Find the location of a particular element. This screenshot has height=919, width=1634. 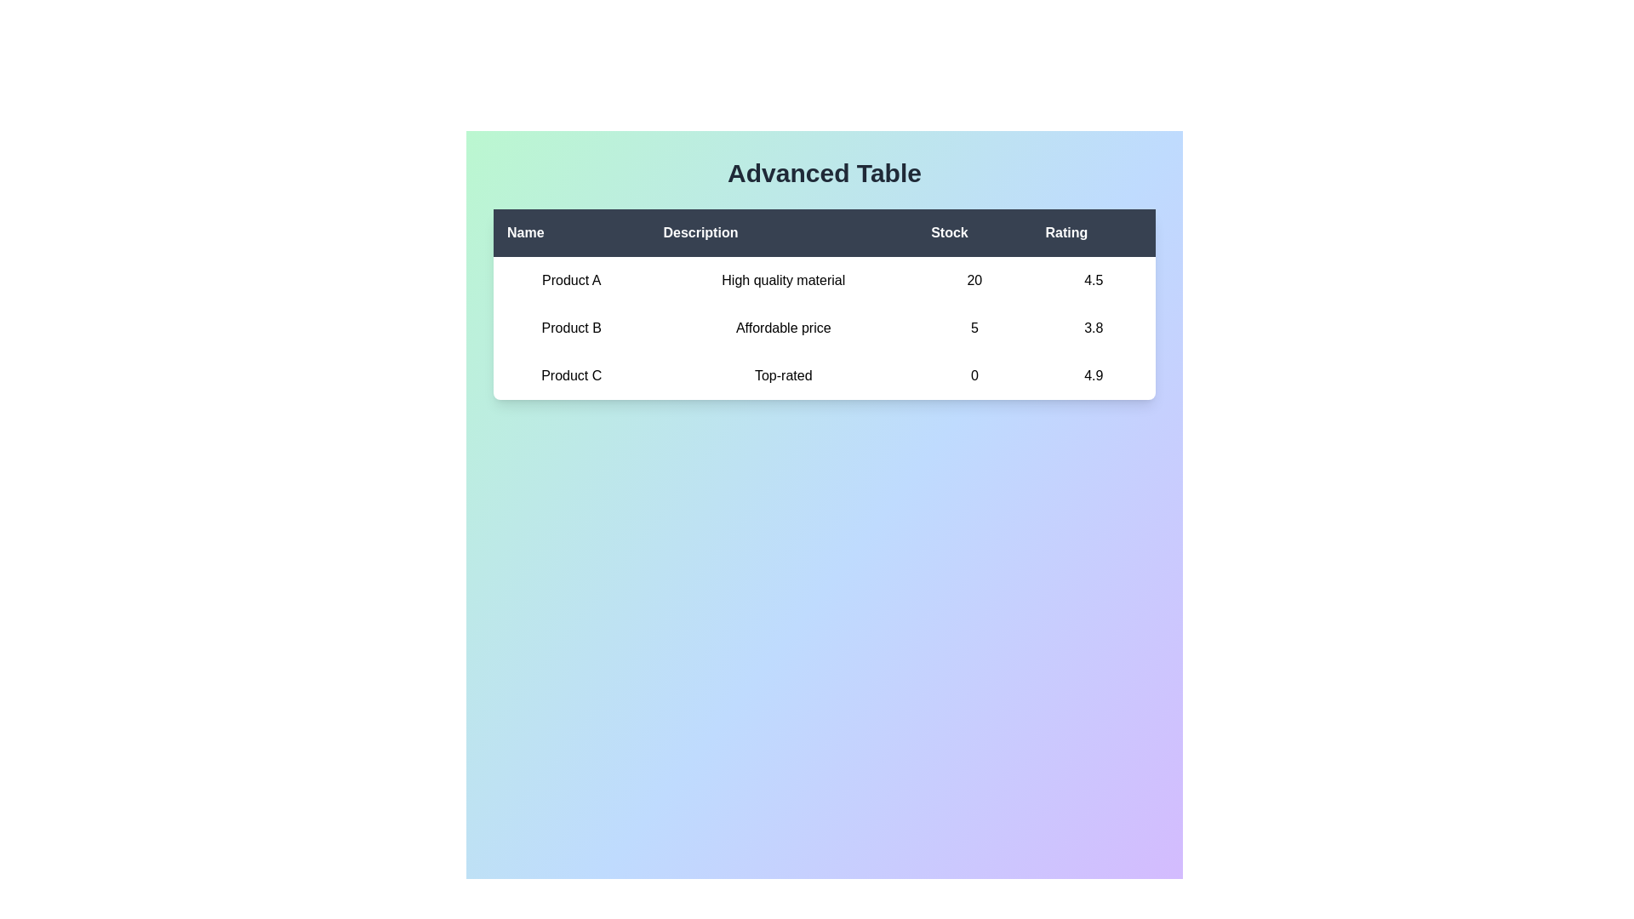

the 'Top-rated' text label located in the middle column of the row for 'Product C' in the table is located at coordinates (782, 375).